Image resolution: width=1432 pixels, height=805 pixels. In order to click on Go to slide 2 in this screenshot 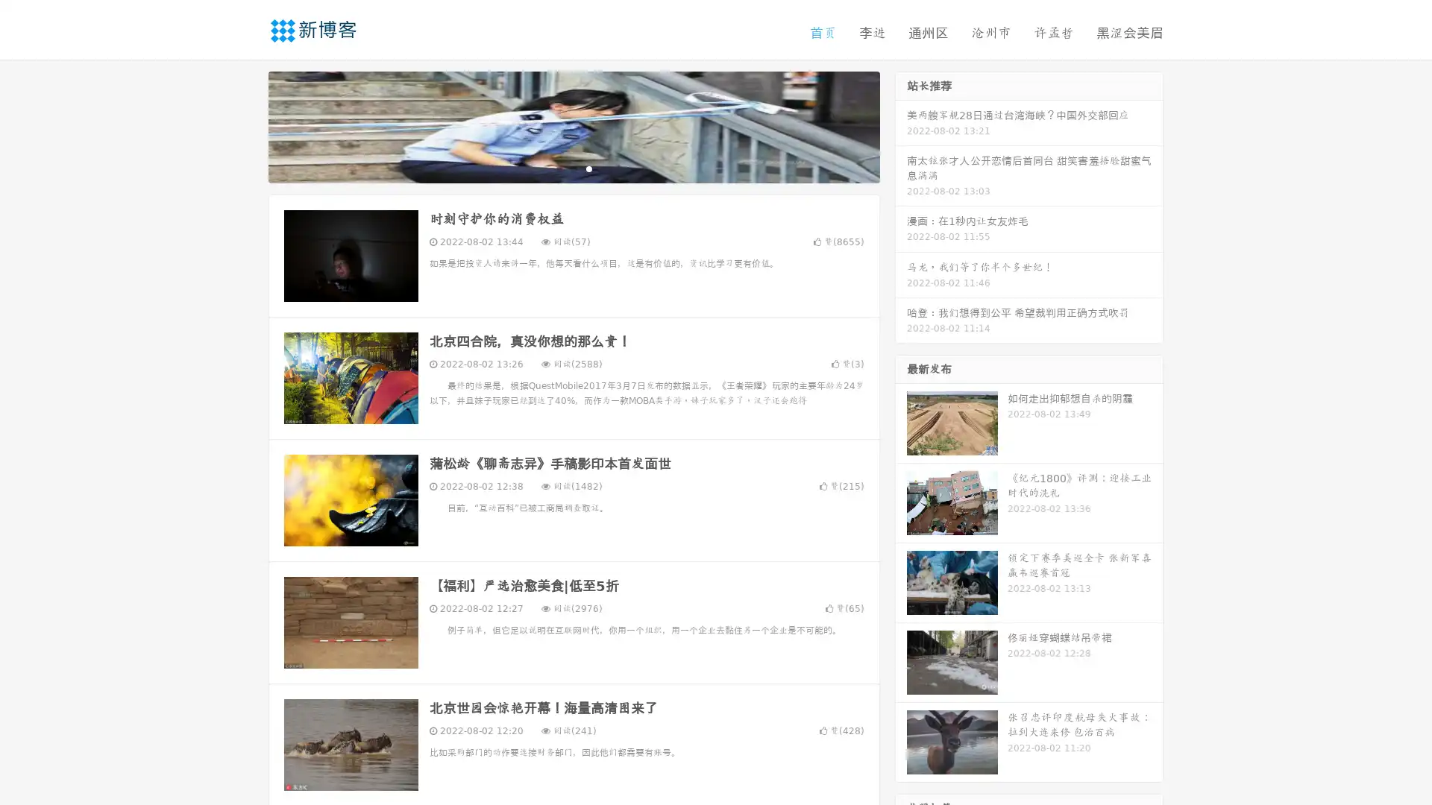, I will do `click(573, 168)`.